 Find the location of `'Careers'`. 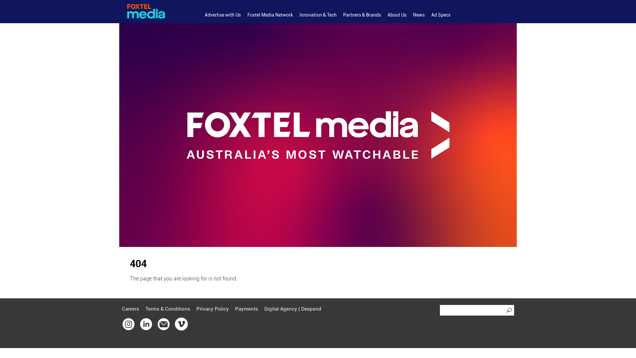

'Careers' is located at coordinates (122, 309).